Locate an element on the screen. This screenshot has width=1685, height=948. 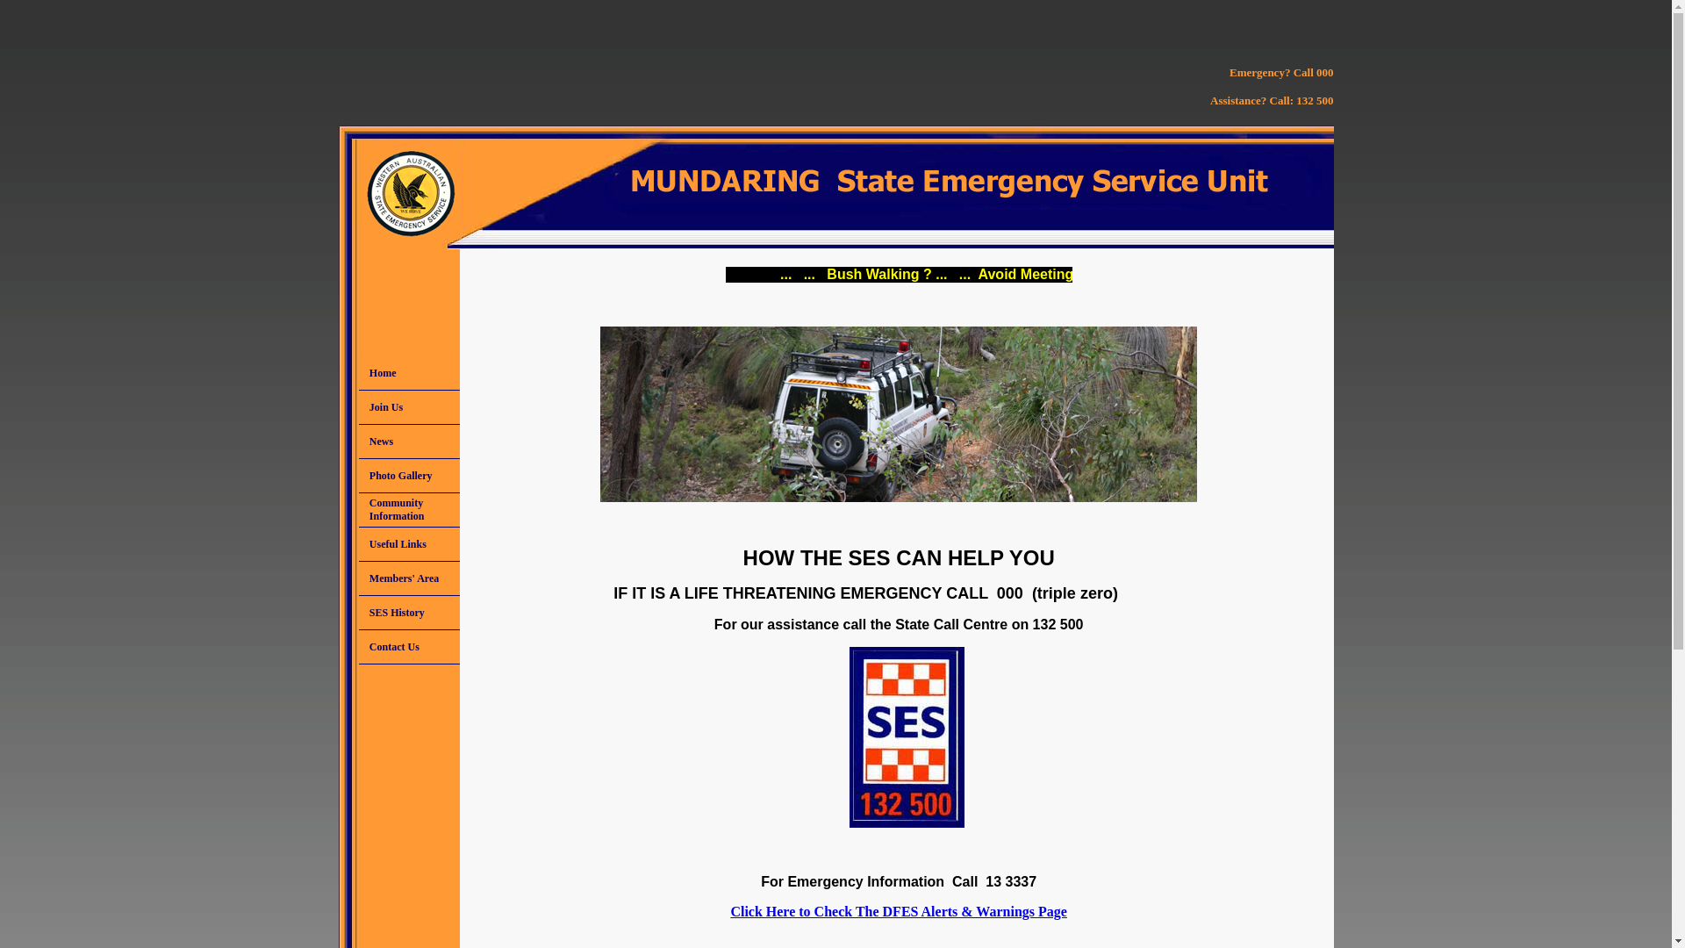
'Community is located at coordinates (408, 510).